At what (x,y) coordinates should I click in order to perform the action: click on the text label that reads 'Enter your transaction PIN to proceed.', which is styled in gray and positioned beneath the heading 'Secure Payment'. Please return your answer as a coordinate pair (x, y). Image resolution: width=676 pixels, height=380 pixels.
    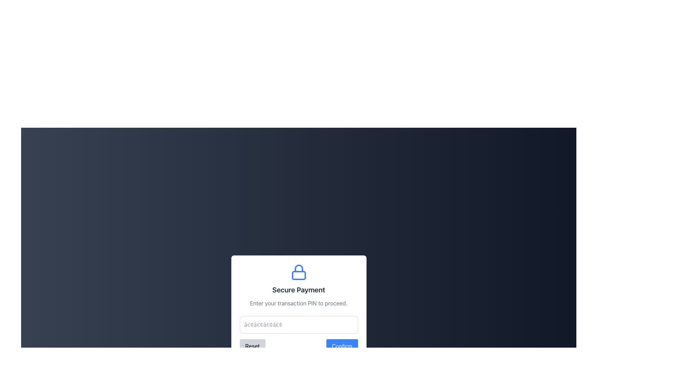
    Looking at the image, I should click on (299, 303).